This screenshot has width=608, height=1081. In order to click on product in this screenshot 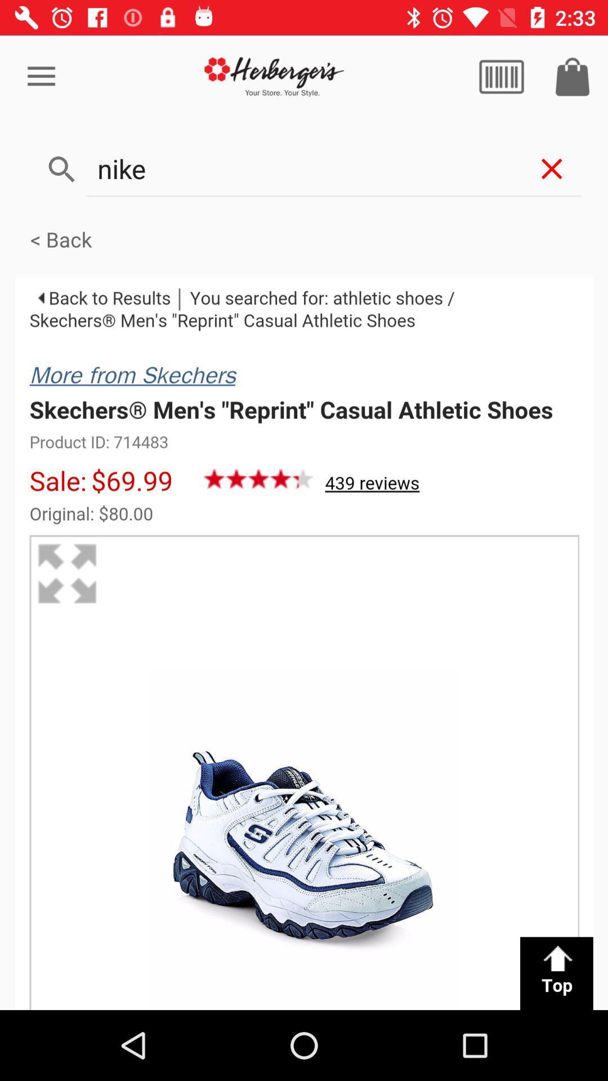, I will do `click(304, 644)`.